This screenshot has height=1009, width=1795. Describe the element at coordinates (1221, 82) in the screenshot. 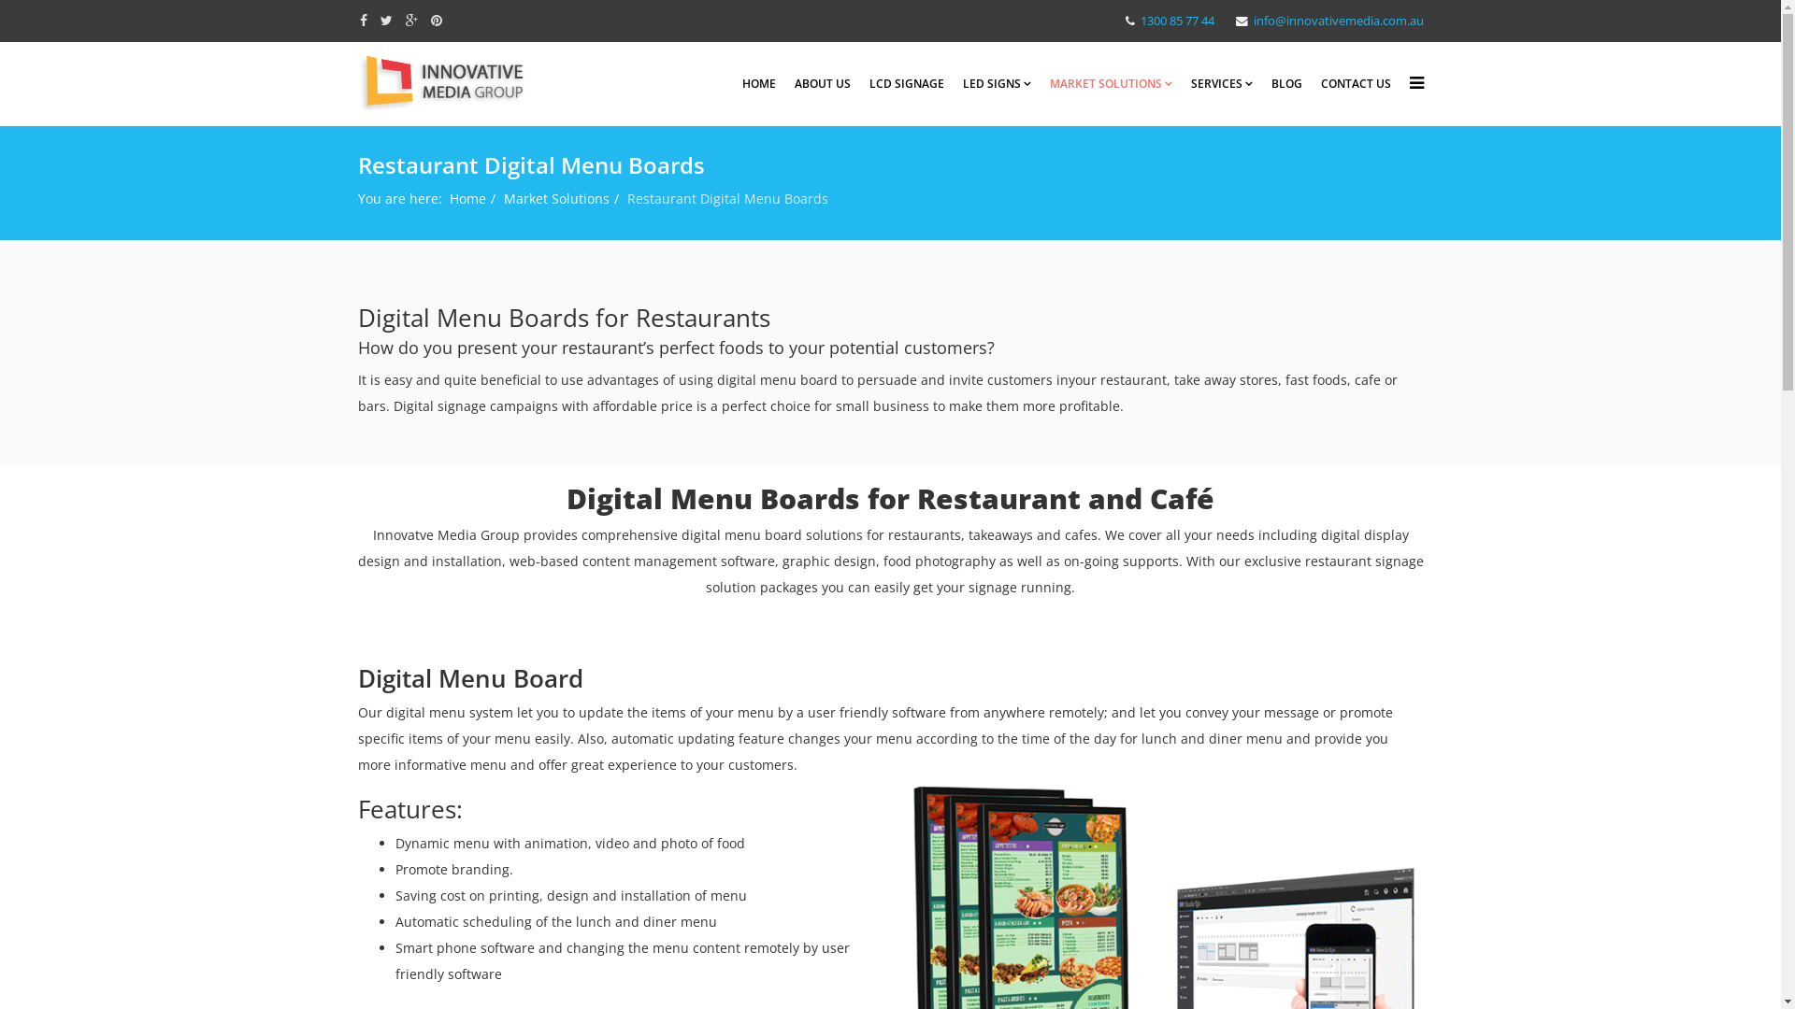

I see `'SERVICES'` at that location.